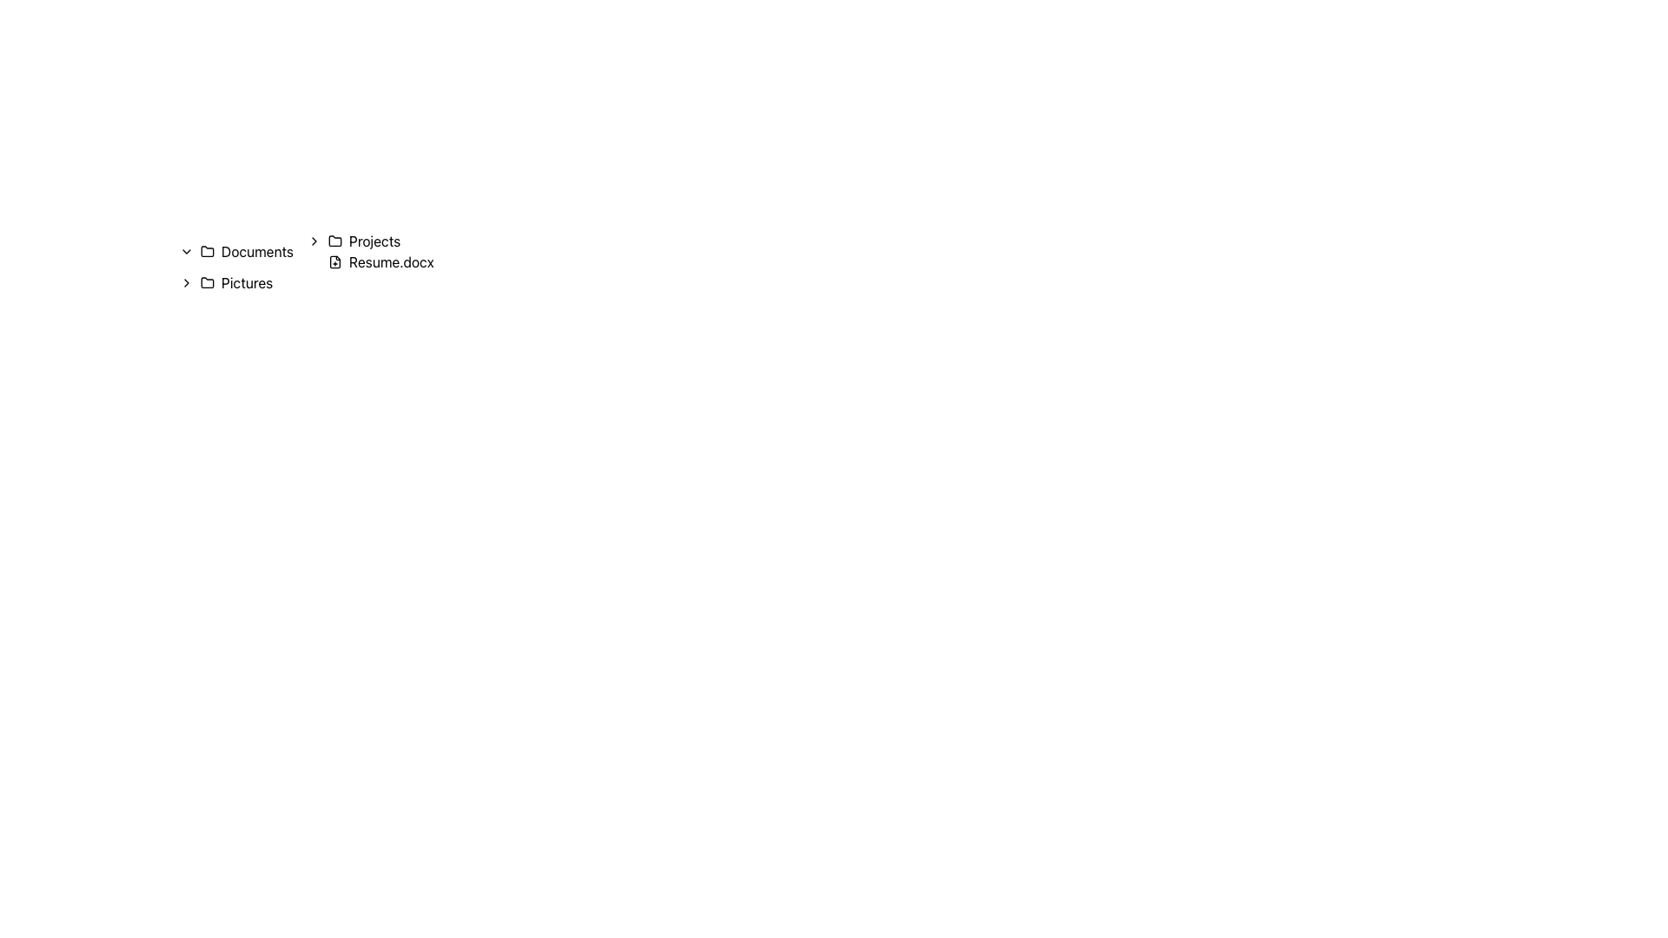 The height and width of the screenshot is (938, 1668). What do you see at coordinates (314, 241) in the screenshot?
I see `the Chevron Icon located to the left of the 'Projects' text` at bounding box center [314, 241].